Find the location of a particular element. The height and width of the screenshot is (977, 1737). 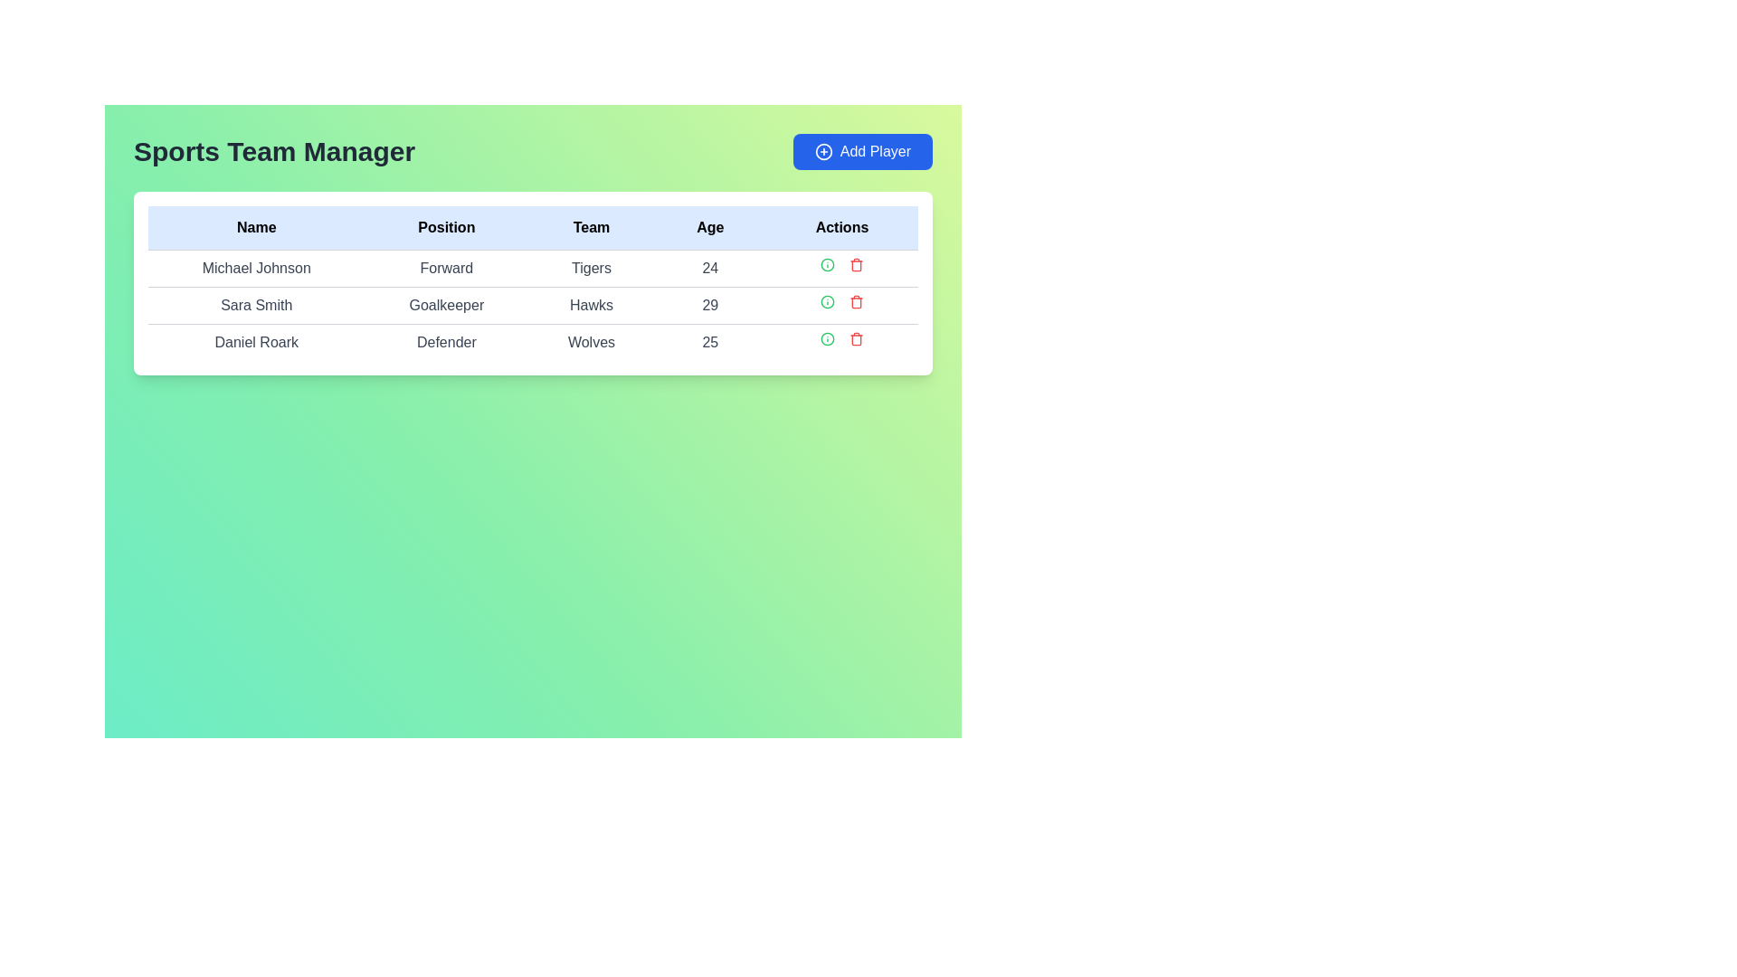

the text label displaying 'Michael Johnson' in the first row and first column of the table under the header 'Name' is located at coordinates (255, 269).